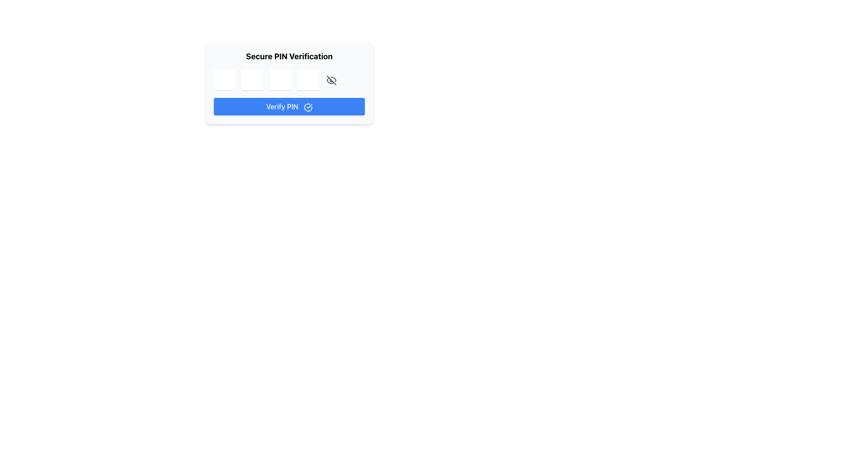  I want to click on the Interactive eye icon with a strikethrough located at the far right of the PIN input fields, so click(331, 80).